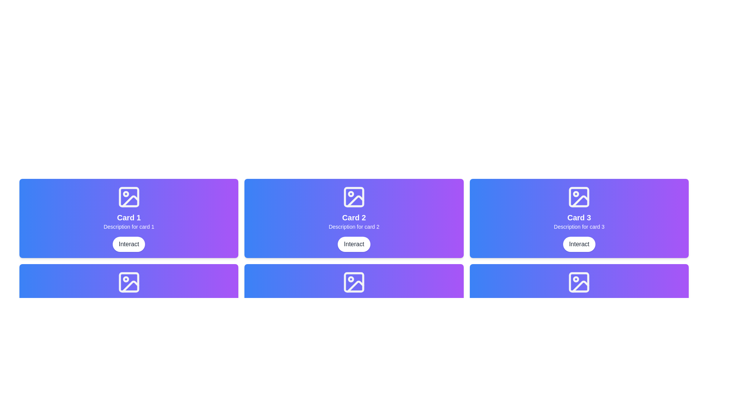 The width and height of the screenshot is (731, 411). Describe the element at coordinates (354, 221) in the screenshot. I see `the Text display (multi-line) titled 'Card 2' which includes 'Description for card 2' located in the middle card of a horizontal array` at that location.